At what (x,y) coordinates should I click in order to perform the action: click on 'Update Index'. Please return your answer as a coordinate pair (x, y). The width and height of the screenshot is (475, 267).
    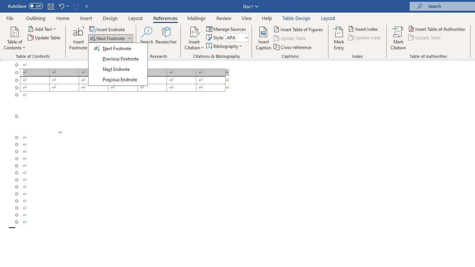
    Looking at the image, I should click on (365, 37).